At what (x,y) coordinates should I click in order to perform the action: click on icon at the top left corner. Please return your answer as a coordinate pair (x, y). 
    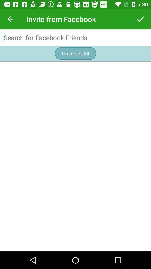
    Looking at the image, I should click on (10, 19).